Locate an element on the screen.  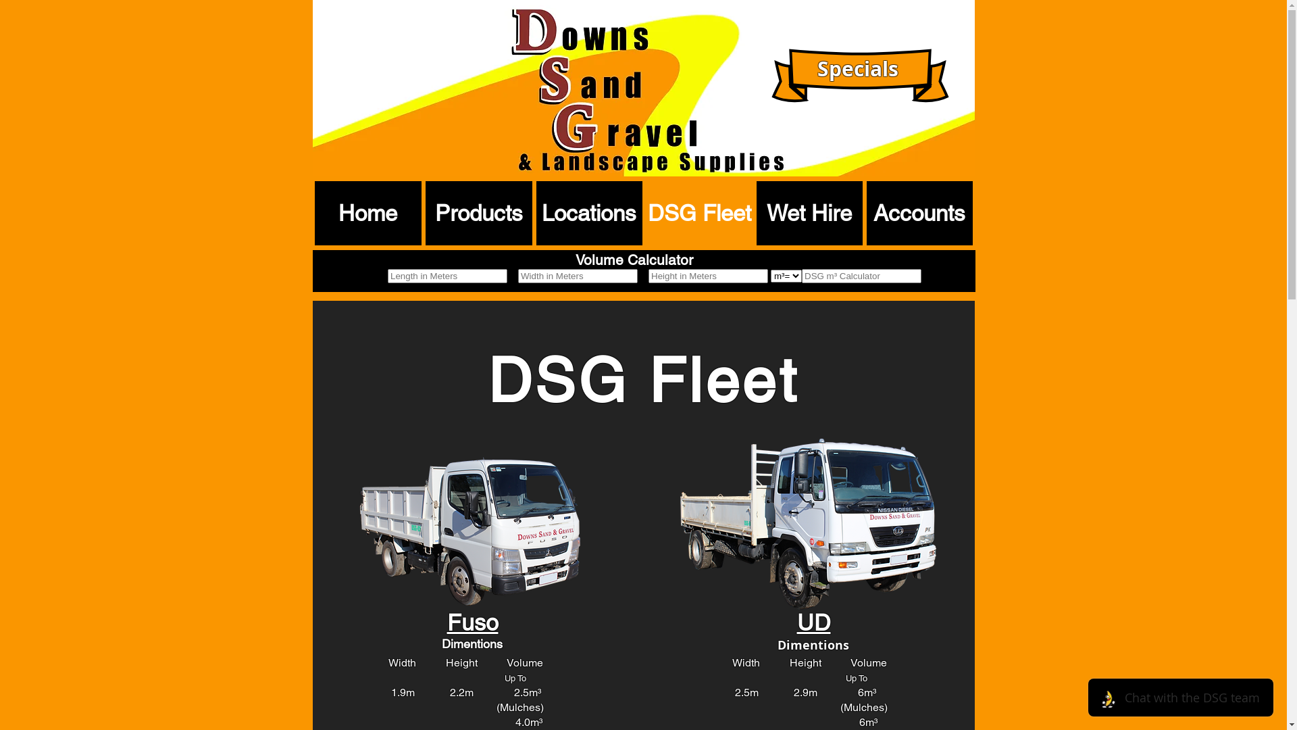
'Wet Hire' is located at coordinates (809, 213).